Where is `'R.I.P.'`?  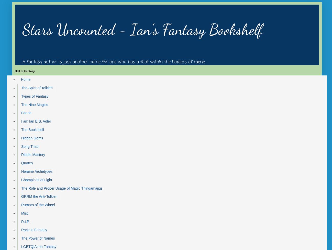 'R.I.P.' is located at coordinates (25, 221).